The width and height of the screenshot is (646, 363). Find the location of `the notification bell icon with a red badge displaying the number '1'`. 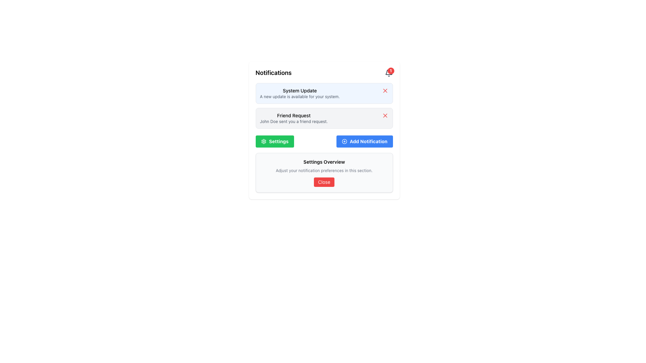

the notification bell icon with a red badge displaying the number '1' is located at coordinates (389, 73).